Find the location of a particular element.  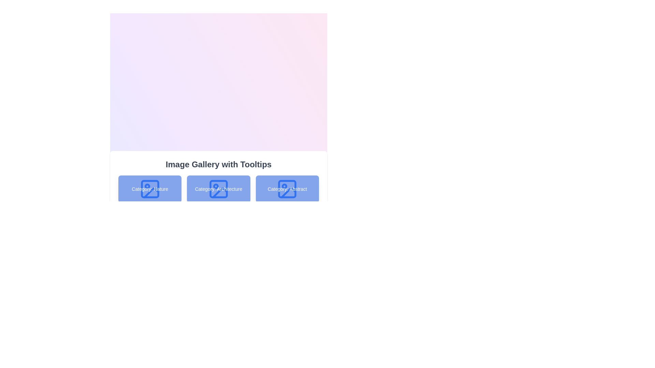

the blue picture frame icon with a circular detail in the top left corner is located at coordinates (149, 189).